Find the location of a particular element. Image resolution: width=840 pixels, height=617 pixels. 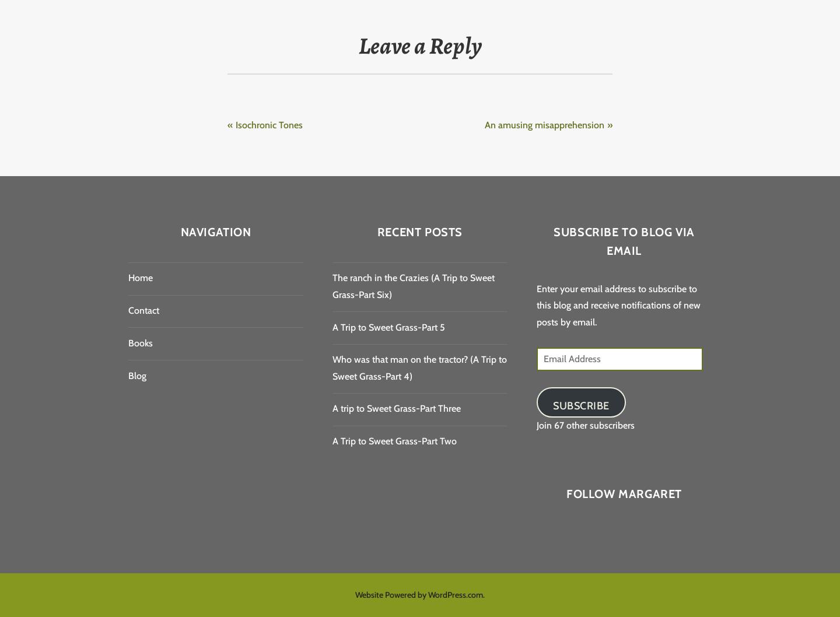

'A trip to Sweet Grass-Part Three' is located at coordinates (396, 408).